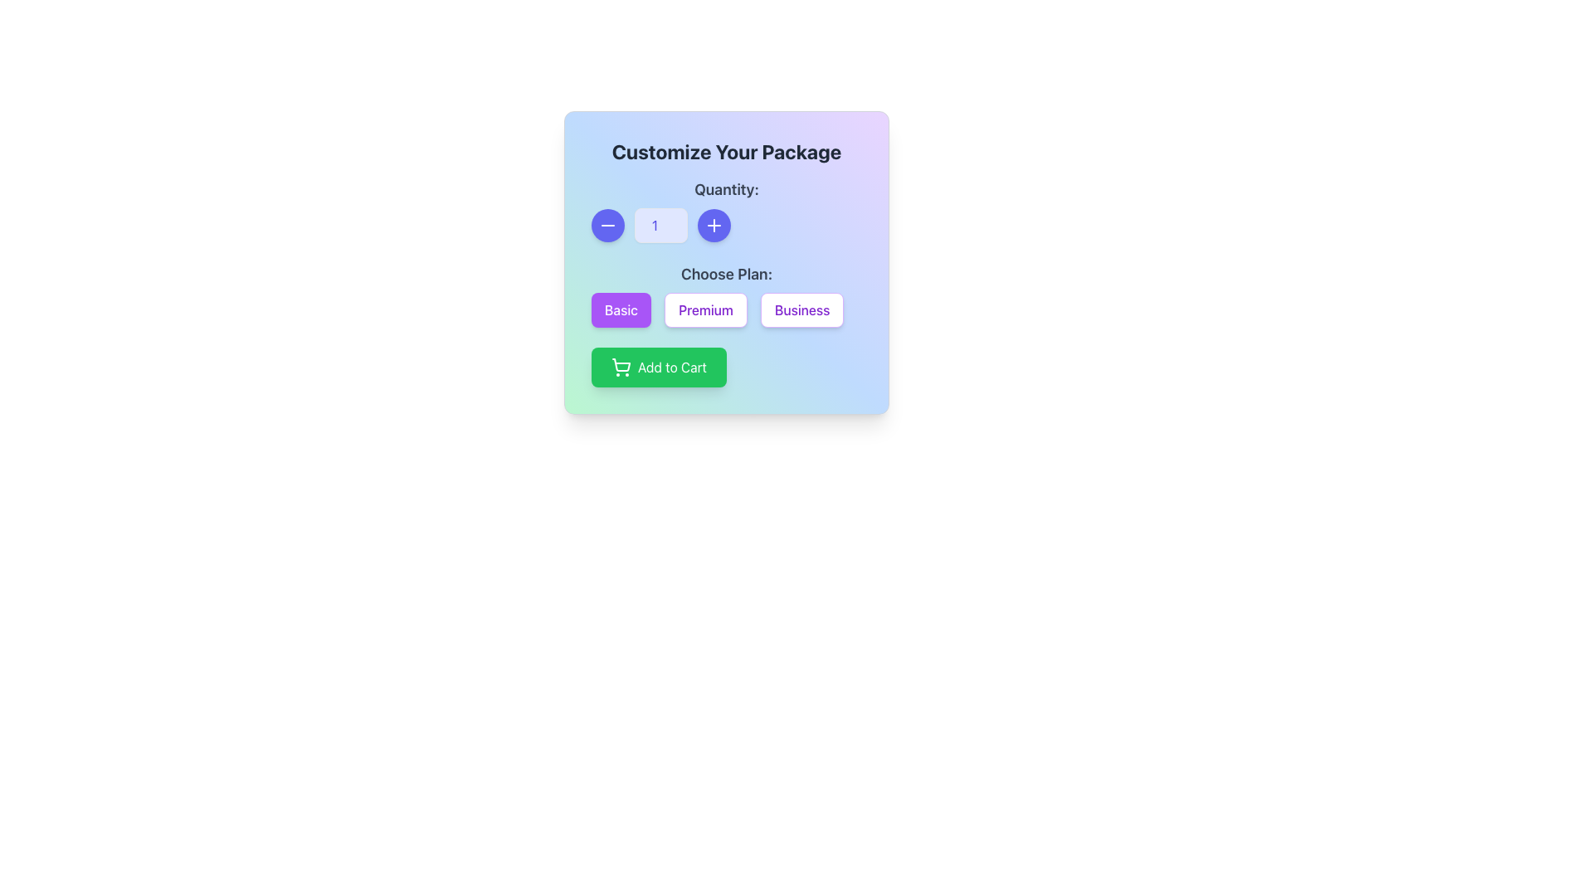  I want to click on keyboard navigation, so click(705, 310).